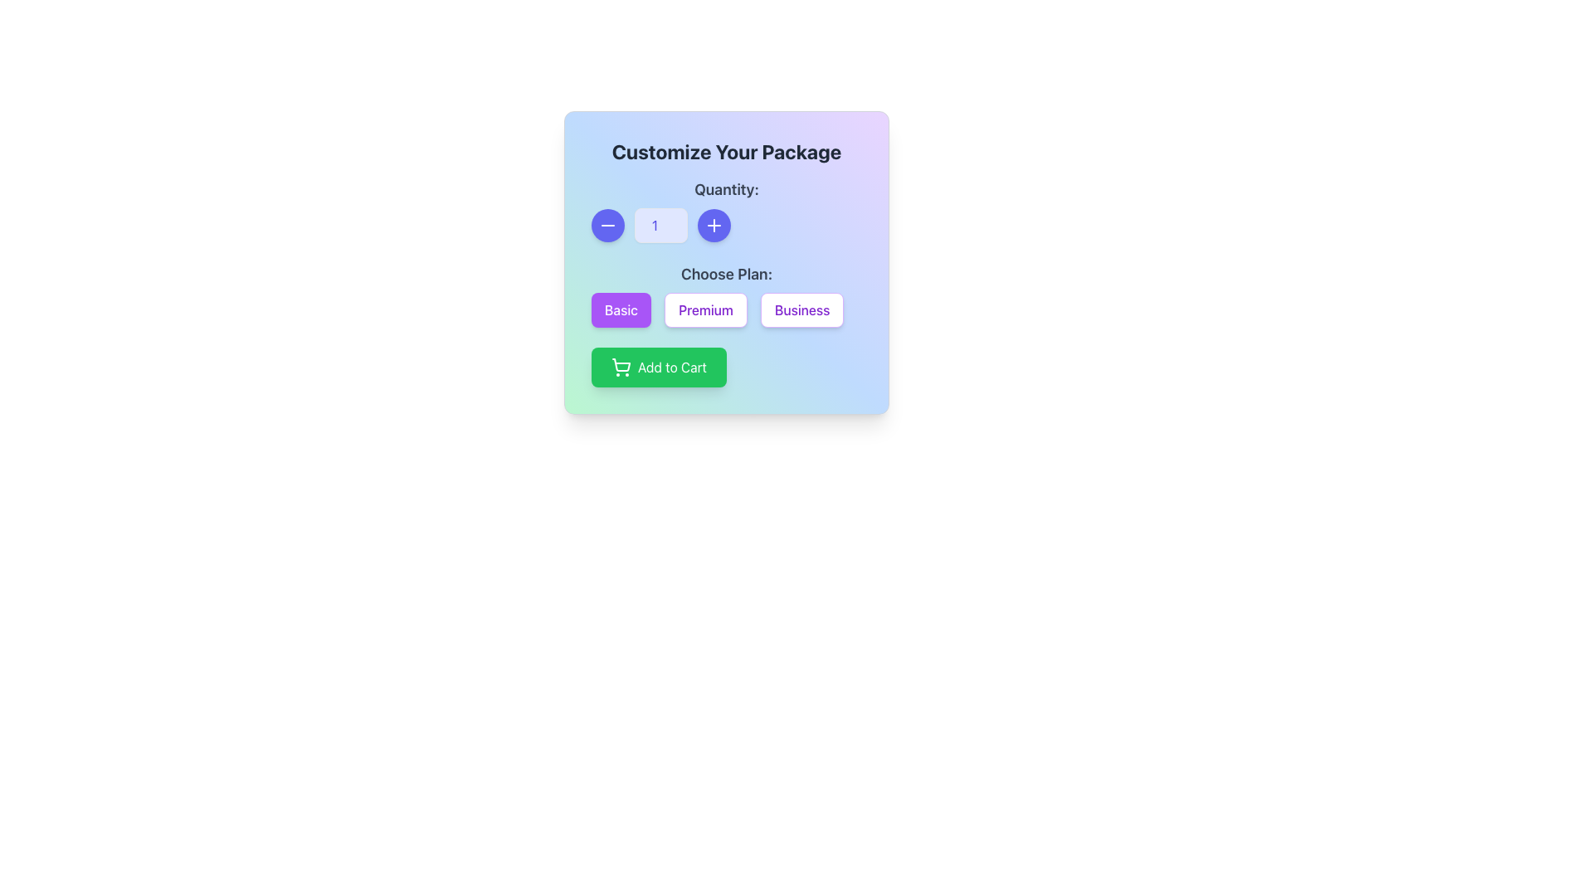  I want to click on keyboard navigation, so click(705, 310).